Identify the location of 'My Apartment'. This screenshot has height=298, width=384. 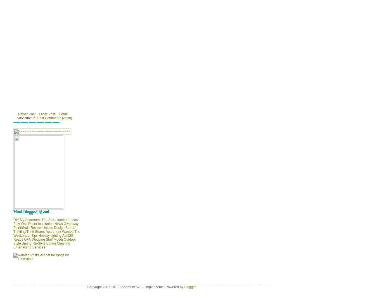
(30, 220).